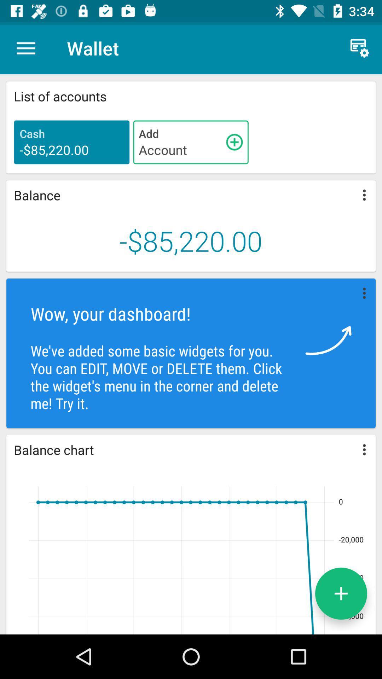  What do you see at coordinates (341, 593) in the screenshot?
I see `the add icon` at bounding box center [341, 593].